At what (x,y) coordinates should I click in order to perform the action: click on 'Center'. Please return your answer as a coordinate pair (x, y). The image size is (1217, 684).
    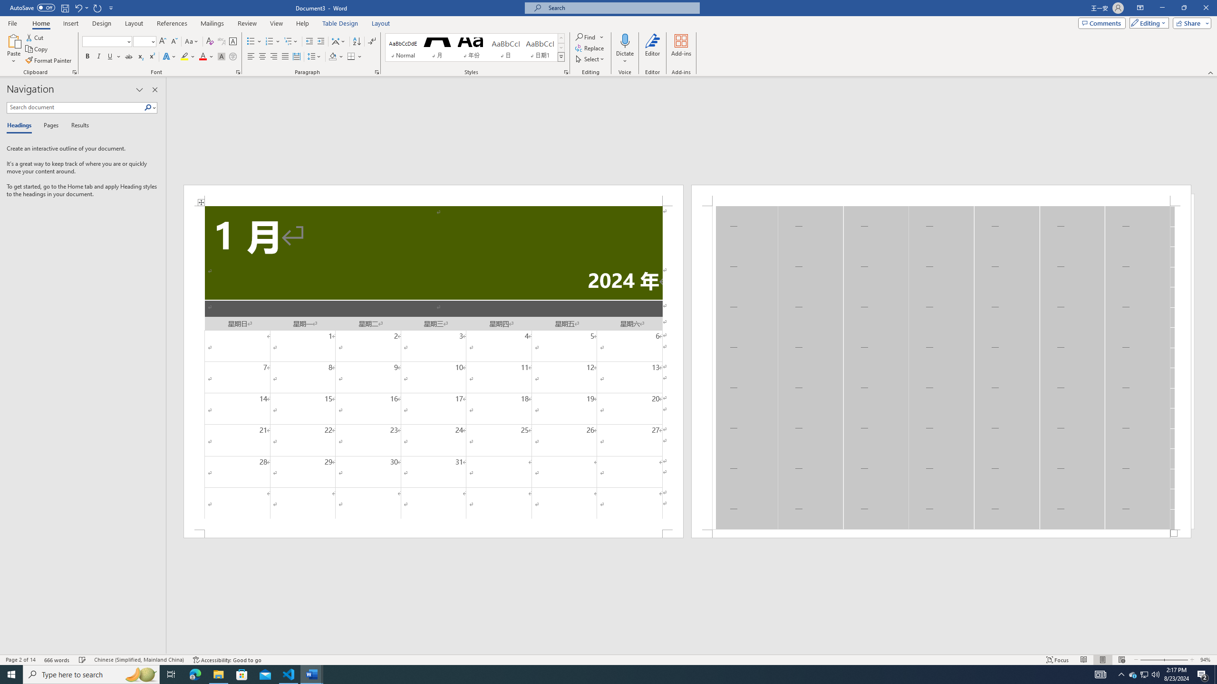
    Looking at the image, I should click on (261, 56).